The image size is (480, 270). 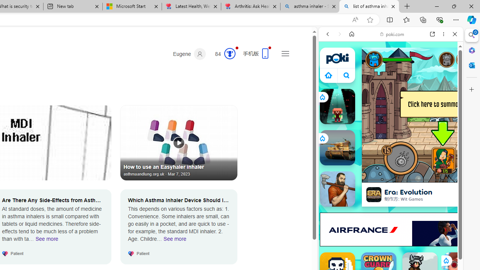 I want to click on 'Class: B_5ykBA46kDOxiz_R9wm', so click(x=346, y=75).